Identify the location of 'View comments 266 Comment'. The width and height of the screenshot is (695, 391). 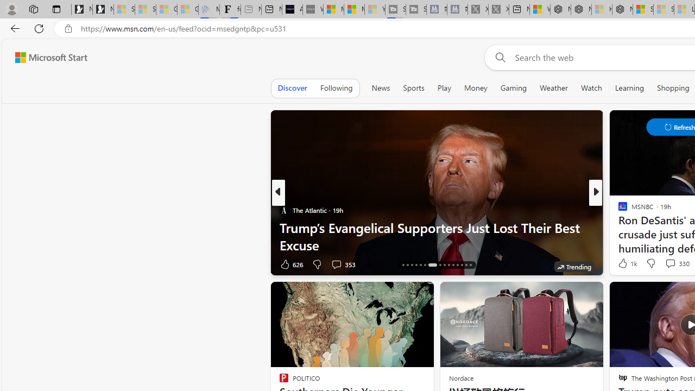
(677, 264).